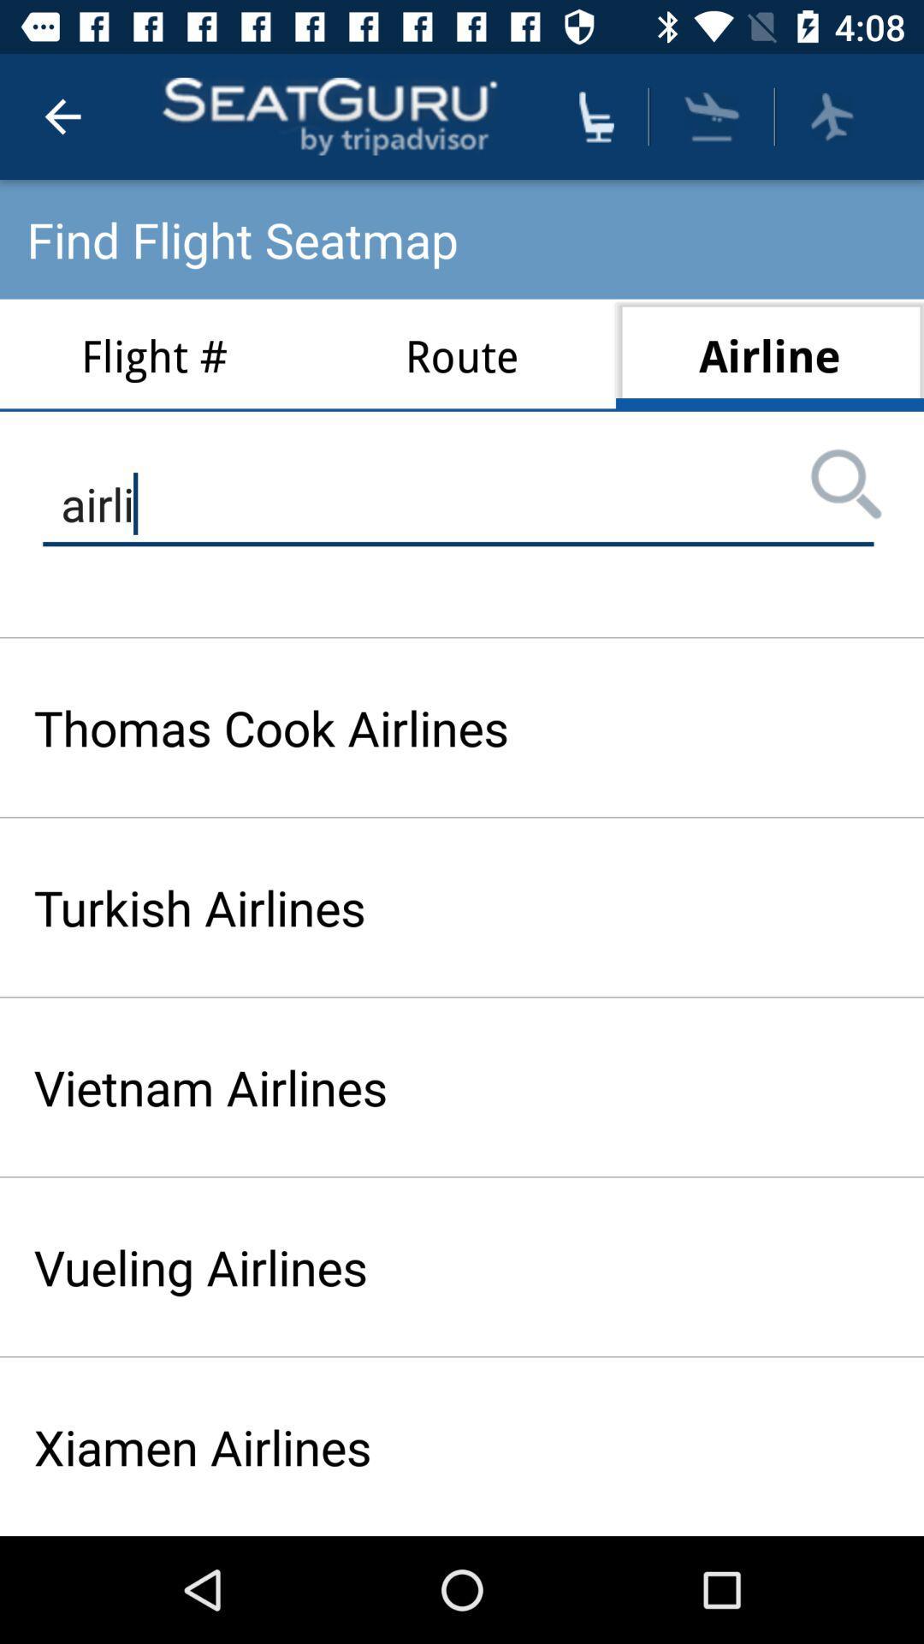  I want to click on seat reservations, so click(595, 116).